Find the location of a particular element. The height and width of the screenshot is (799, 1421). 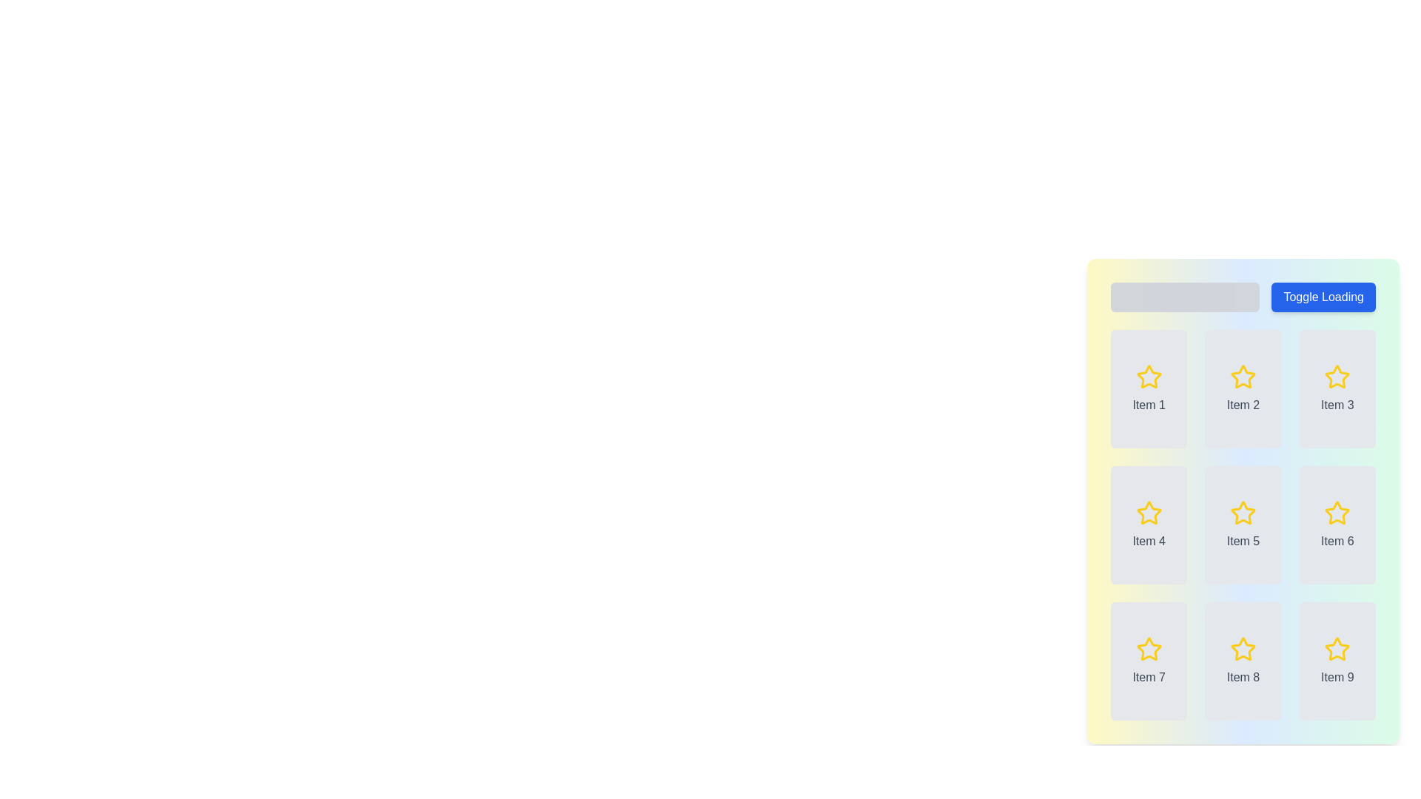

the text label displaying 'Item 1' located below the yellow star icon in the first card of the grid layout is located at coordinates (1148, 405).